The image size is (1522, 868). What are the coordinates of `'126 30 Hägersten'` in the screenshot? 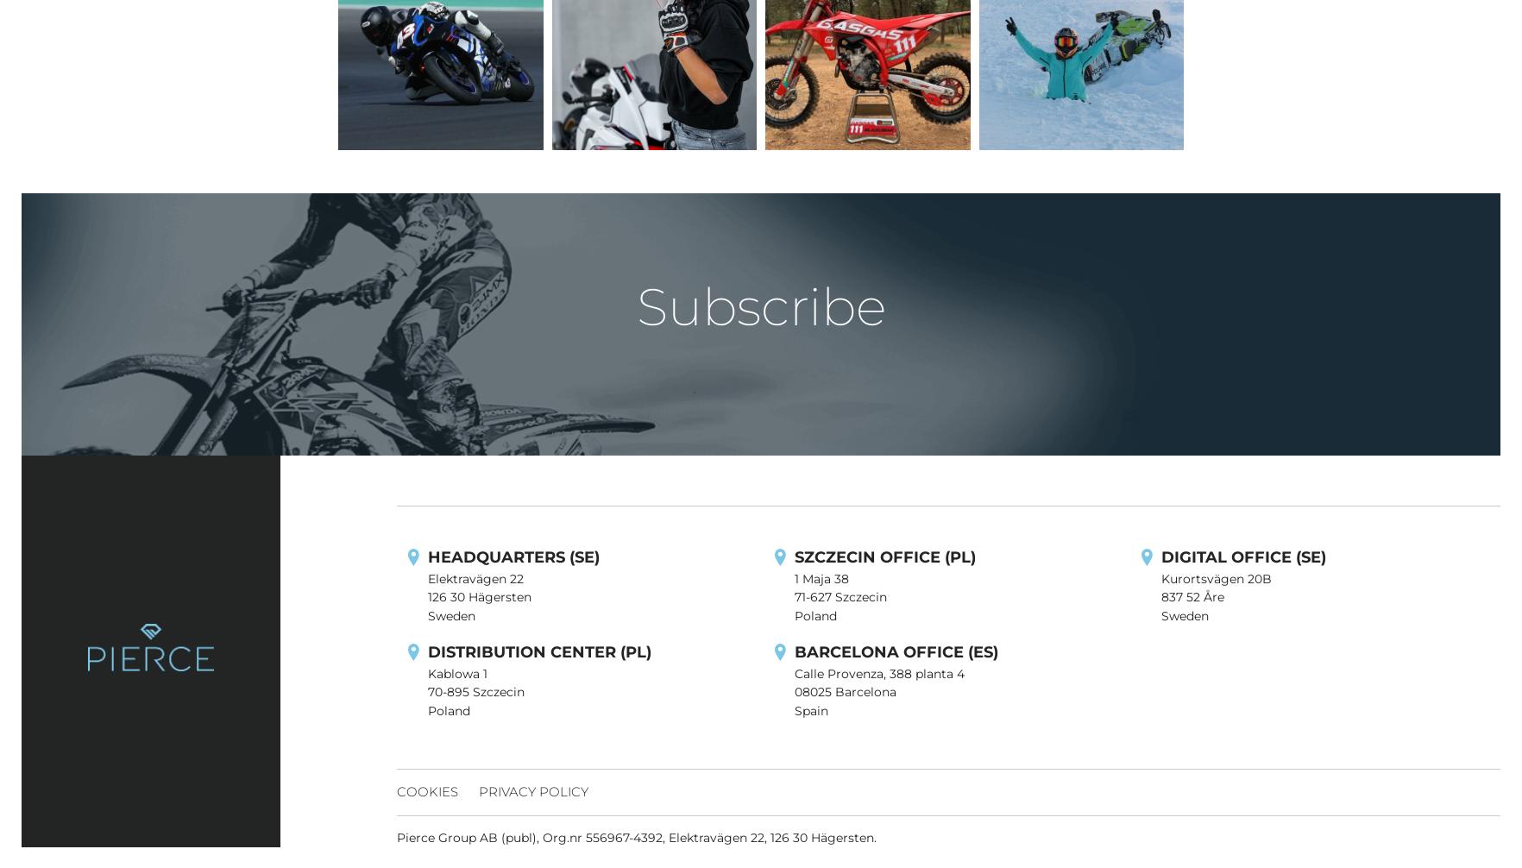 It's located at (480, 597).